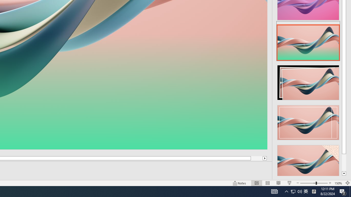  I want to click on 'Design Idea', so click(308, 160).